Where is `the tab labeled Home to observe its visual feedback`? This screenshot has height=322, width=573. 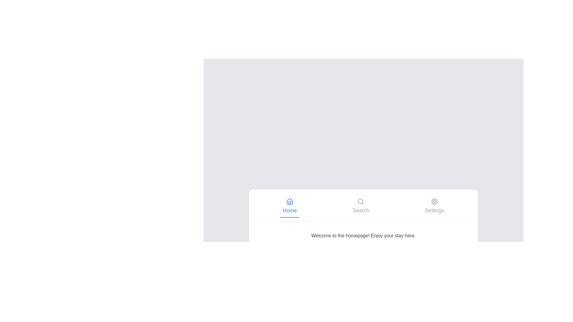
the tab labeled Home to observe its visual feedback is located at coordinates (289, 206).